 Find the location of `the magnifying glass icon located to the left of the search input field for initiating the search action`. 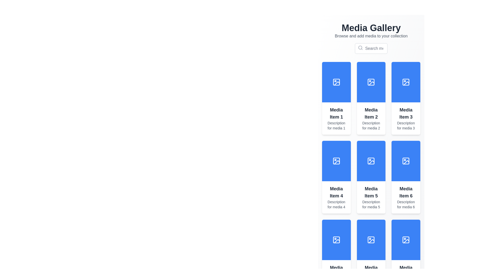

the magnifying glass icon located to the left of the search input field for initiating the search action is located at coordinates (371, 49).